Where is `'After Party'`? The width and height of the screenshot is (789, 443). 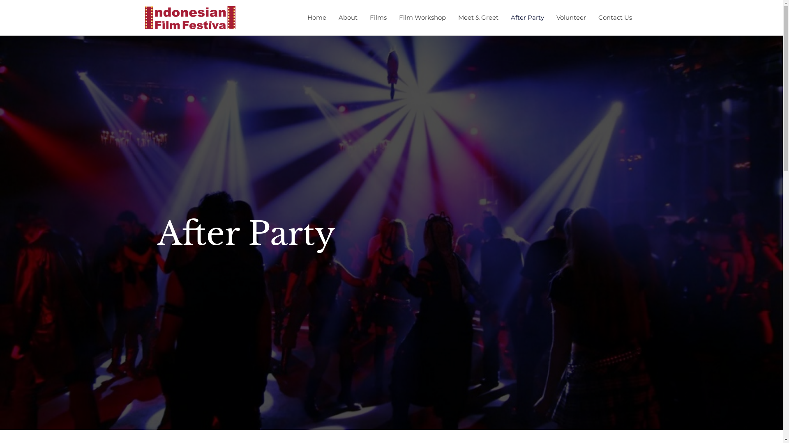 'After Party' is located at coordinates (527, 17).